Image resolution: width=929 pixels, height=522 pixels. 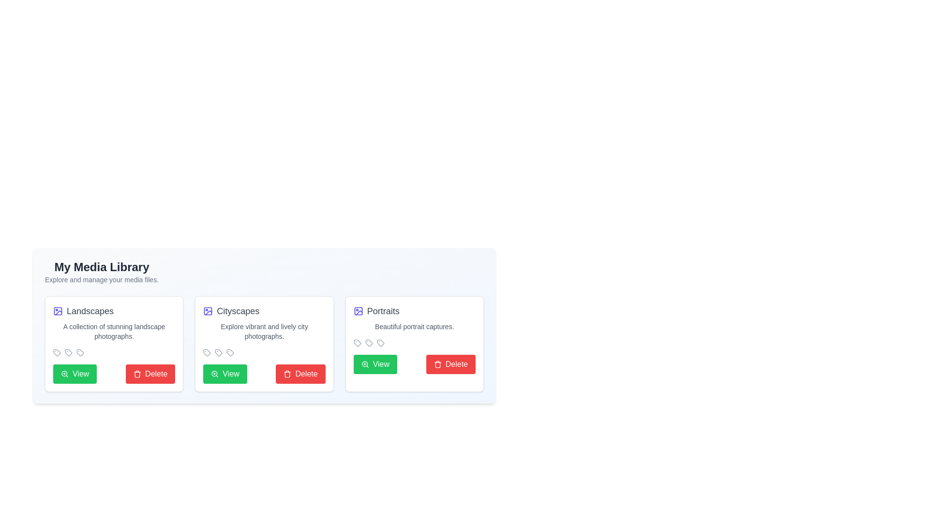 What do you see at coordinates (208, 311) in the screenshot?
I see `the blue image outline icon located to the left of the 'Cityscapes' text label within the 'Cityscapes' card` at bounding box center [208, 311].